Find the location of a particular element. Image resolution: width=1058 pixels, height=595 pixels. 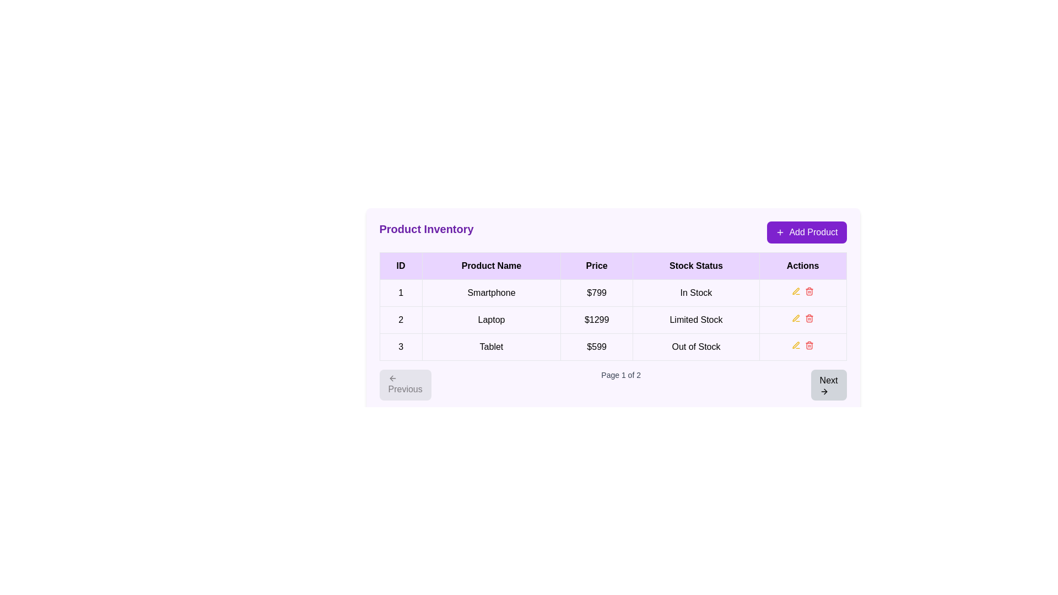

the second product identifier cell located in the second row under the 'ID' column of the product inventory table is located at coordinates (400, 320).